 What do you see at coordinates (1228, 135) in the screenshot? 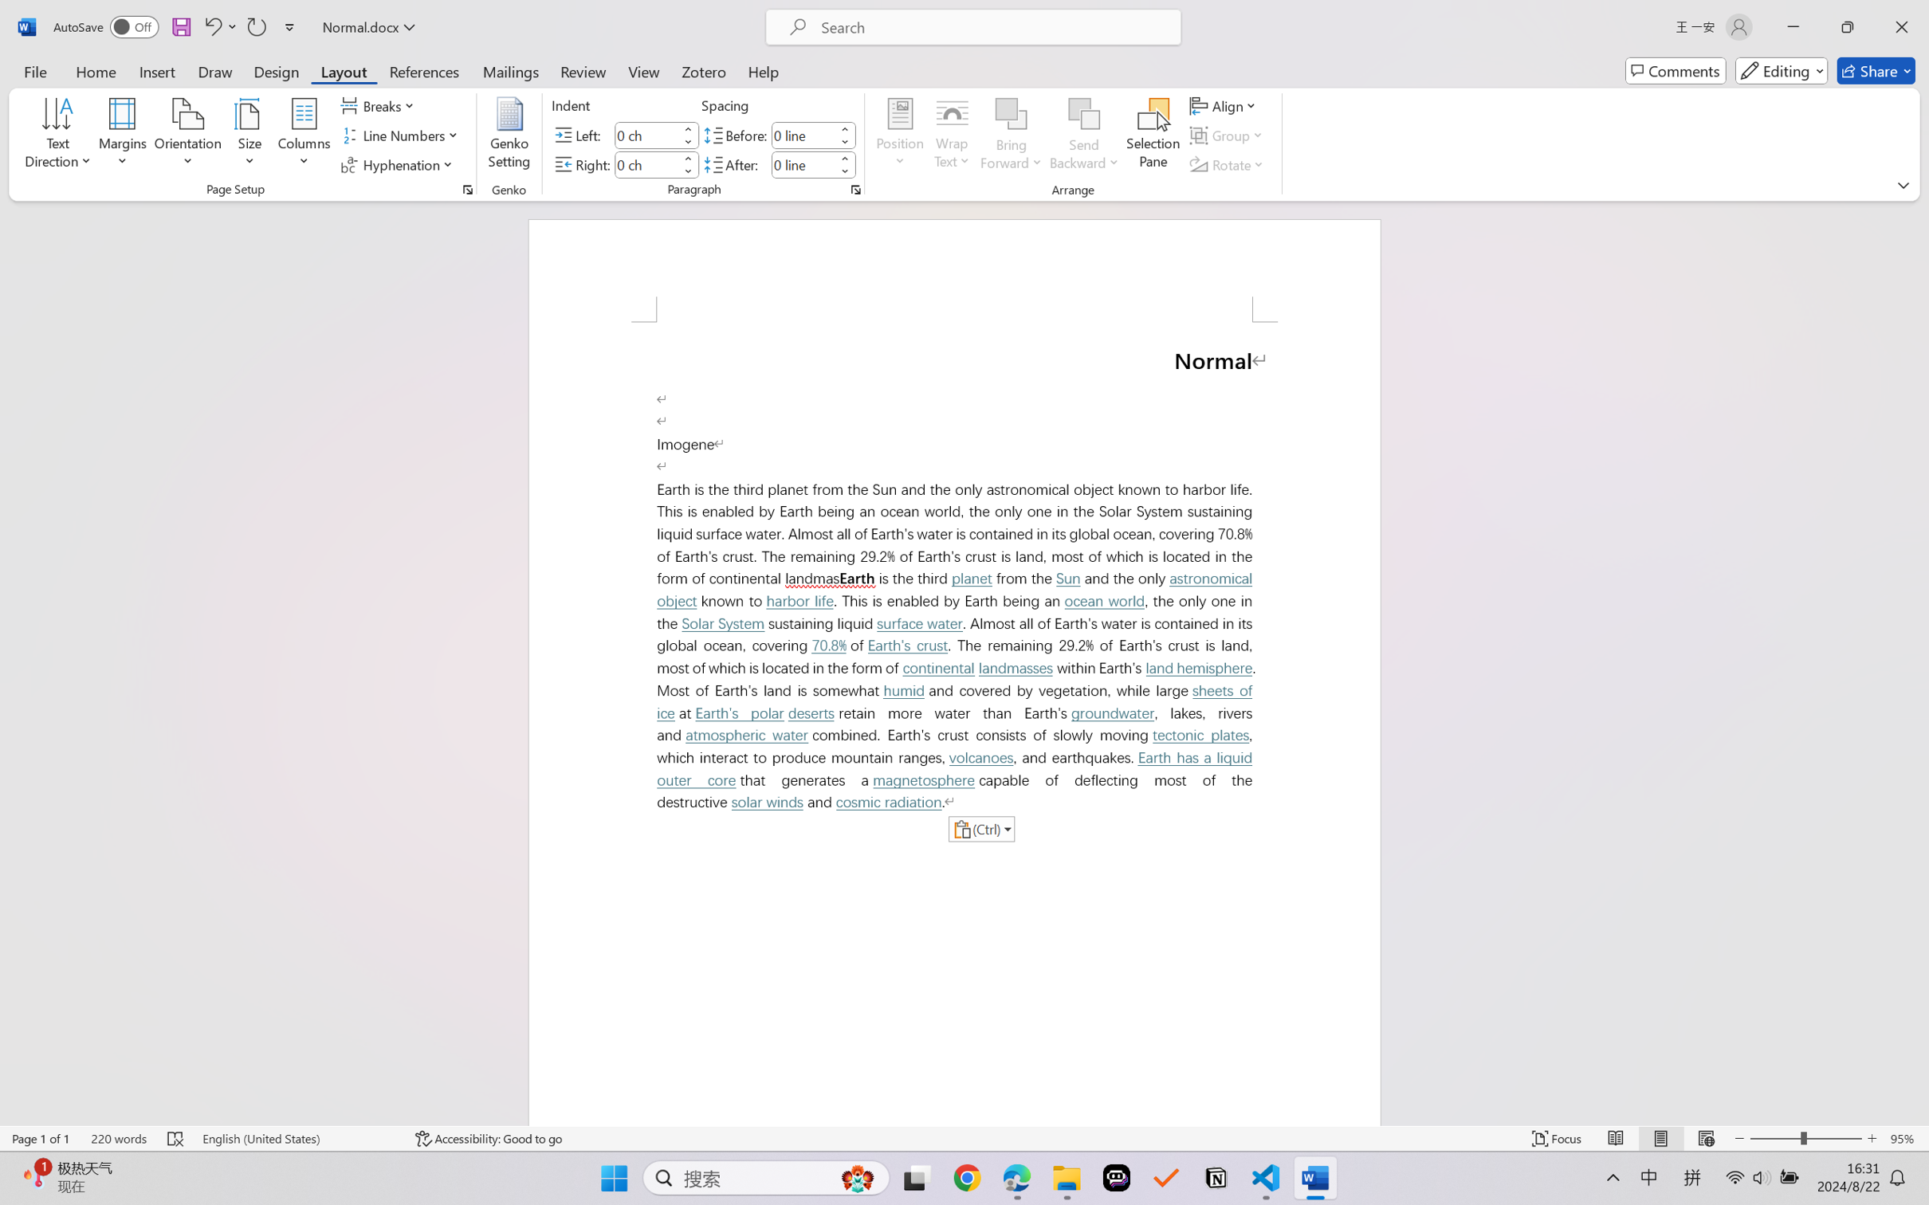
I see `'Group'` at bounding box center [1228, 135].